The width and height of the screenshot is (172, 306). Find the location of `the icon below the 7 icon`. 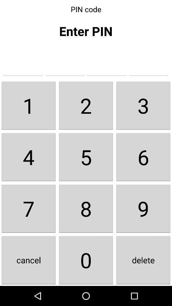

the icon below the 7 icon is located at coordinates (28, 260).